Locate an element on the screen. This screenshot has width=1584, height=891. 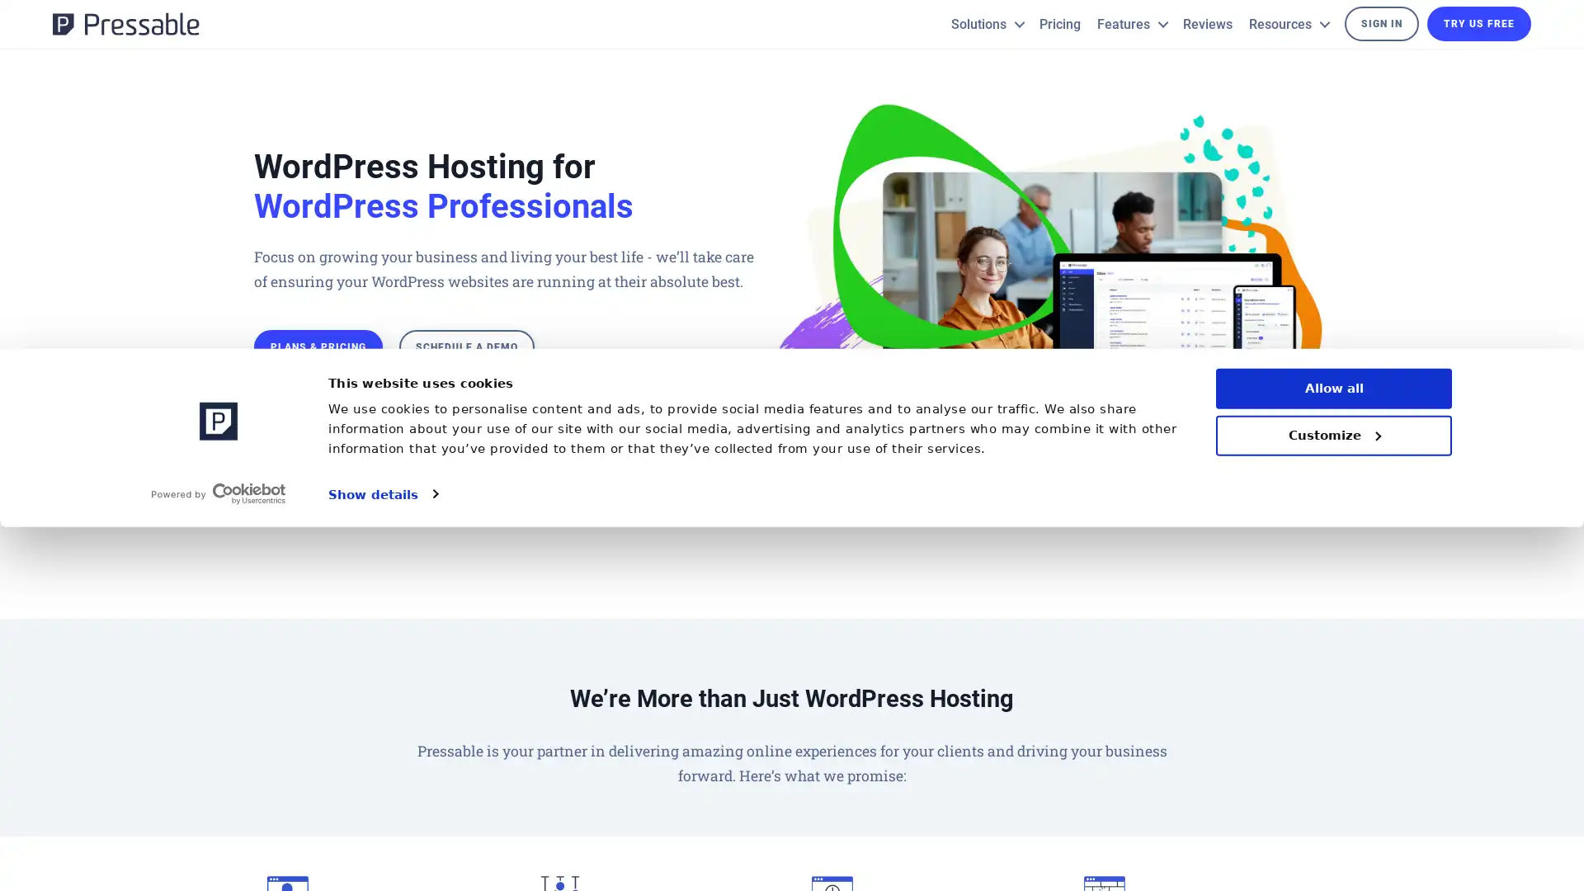
Customize is located at coordinates (1334, 799).